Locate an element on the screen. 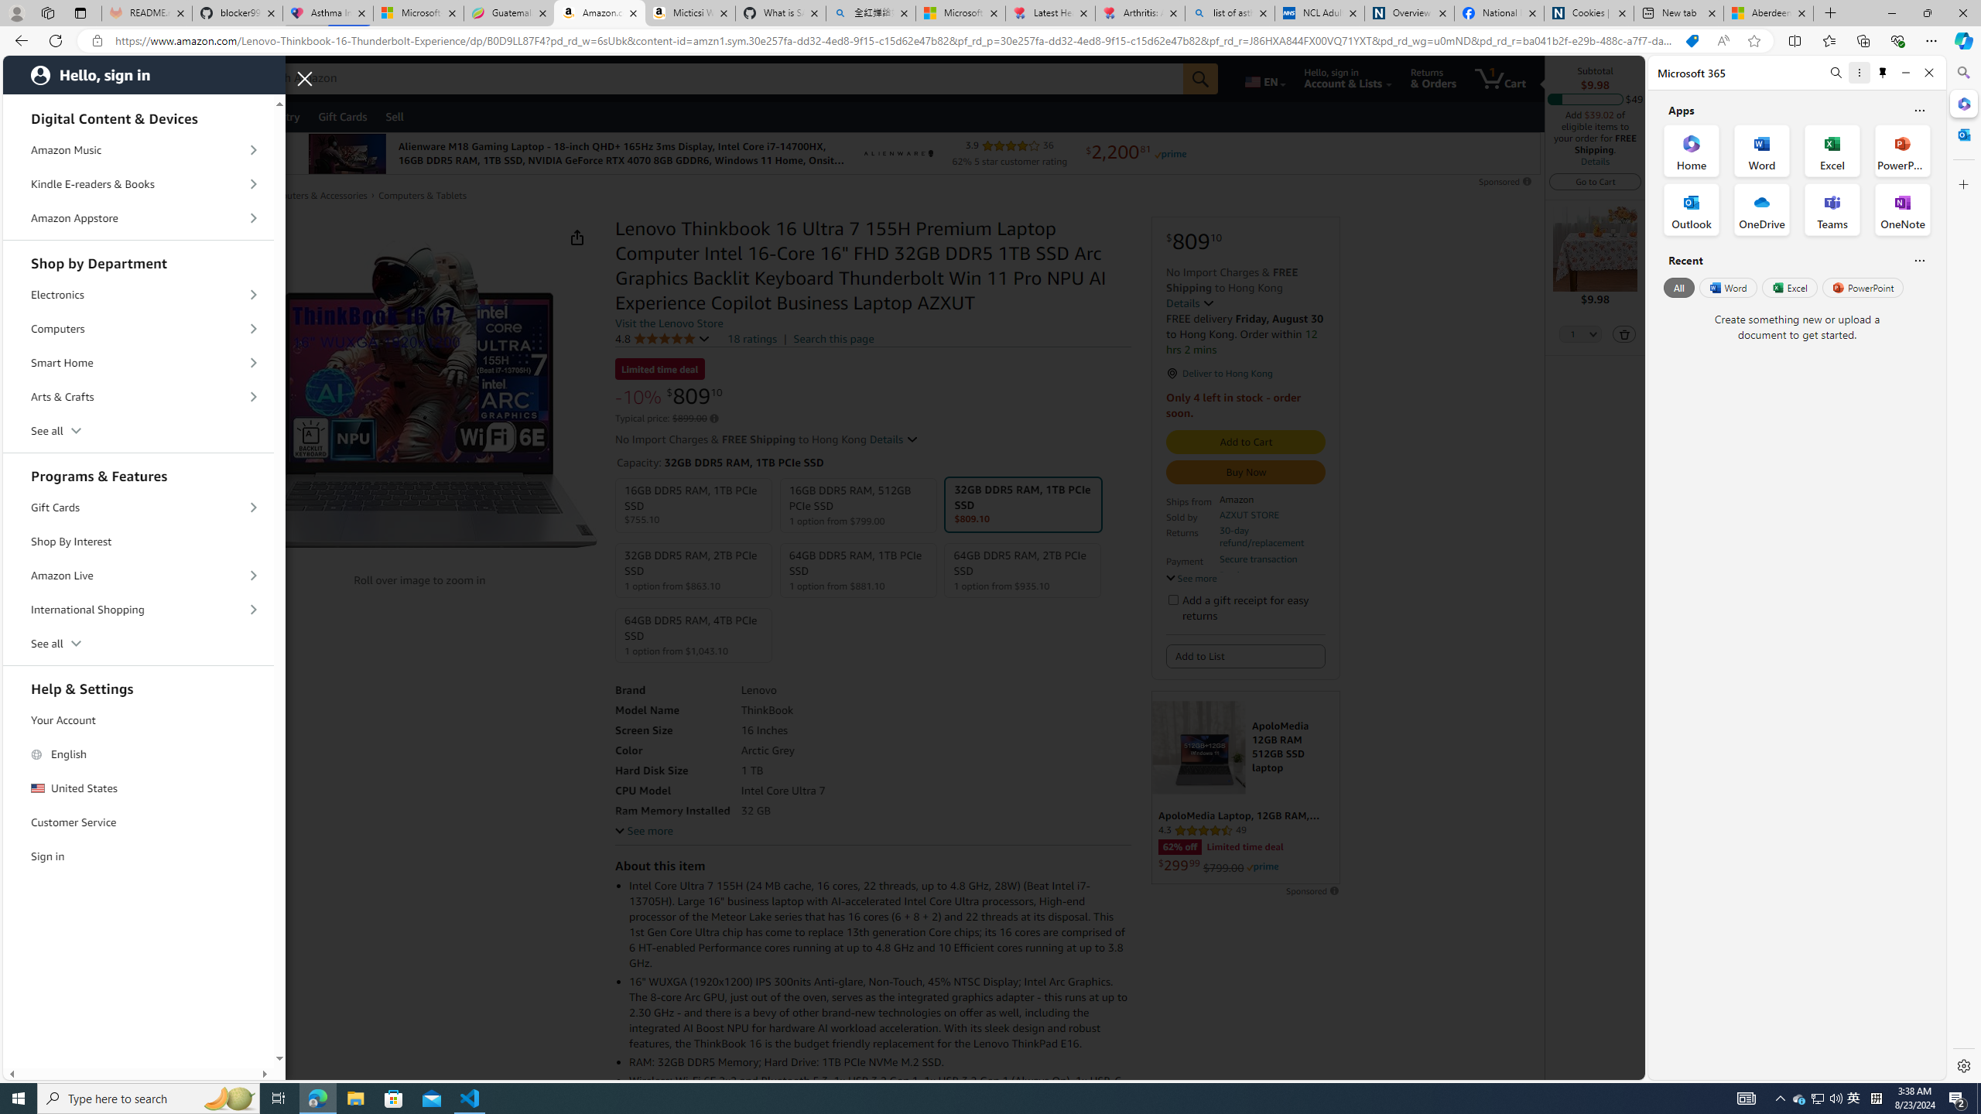  'You have the best price!' is located at coordinates (1691, 41).